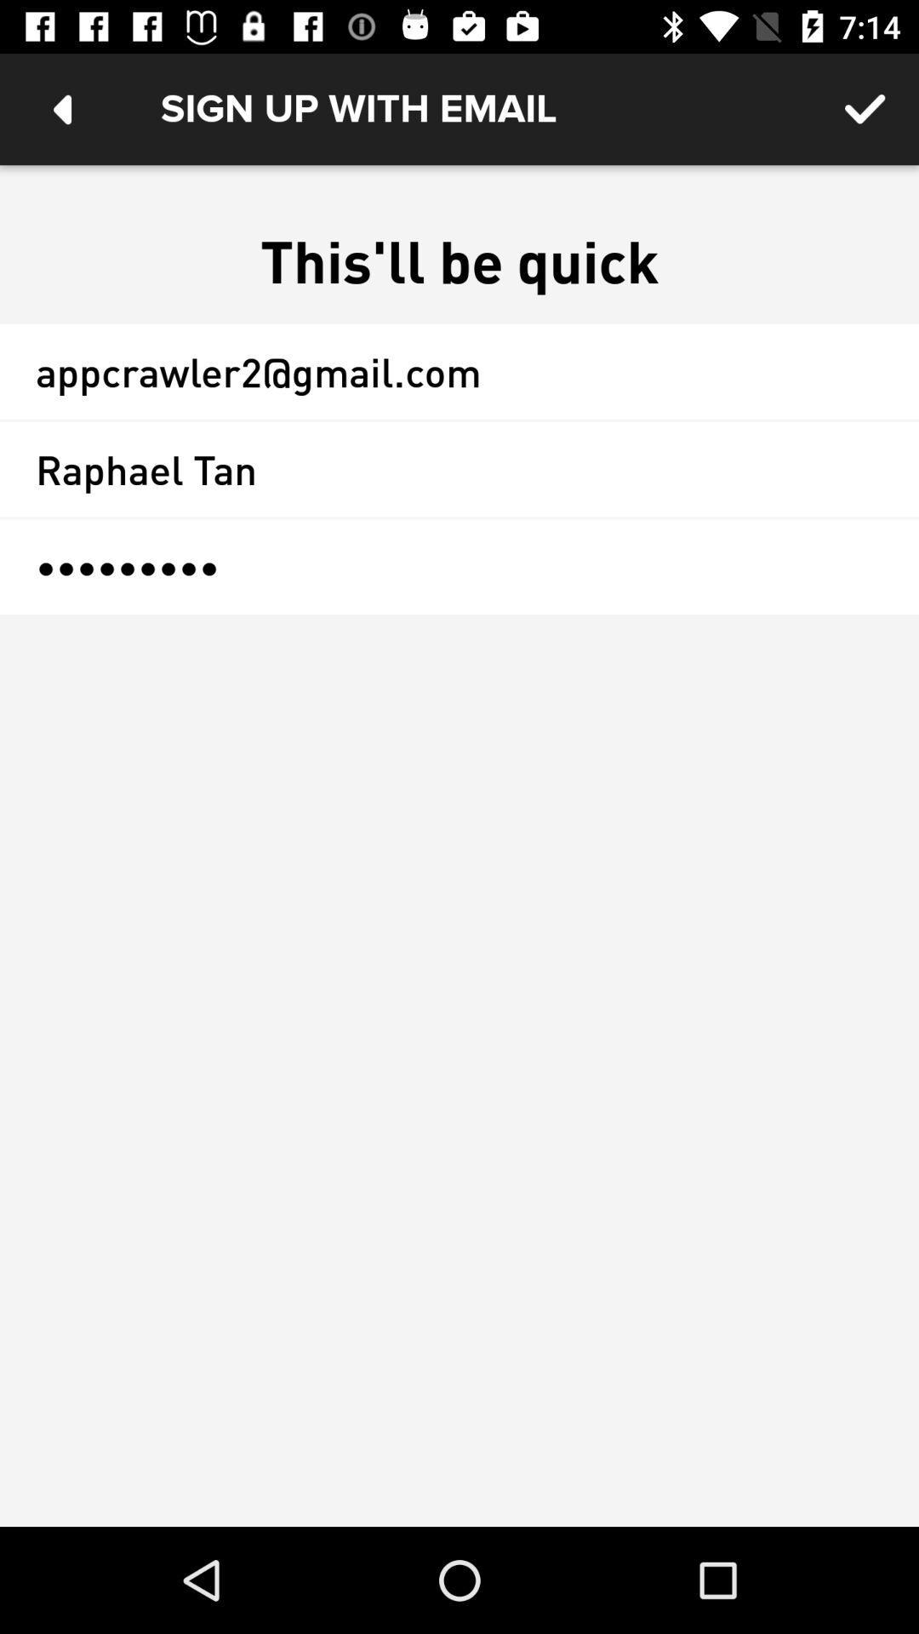 This screenshot has width=919, height=1634. What do you see at coordinates (459, 567) in the screenshot?
I see `icon at the center` at bounding box center [459, 567].